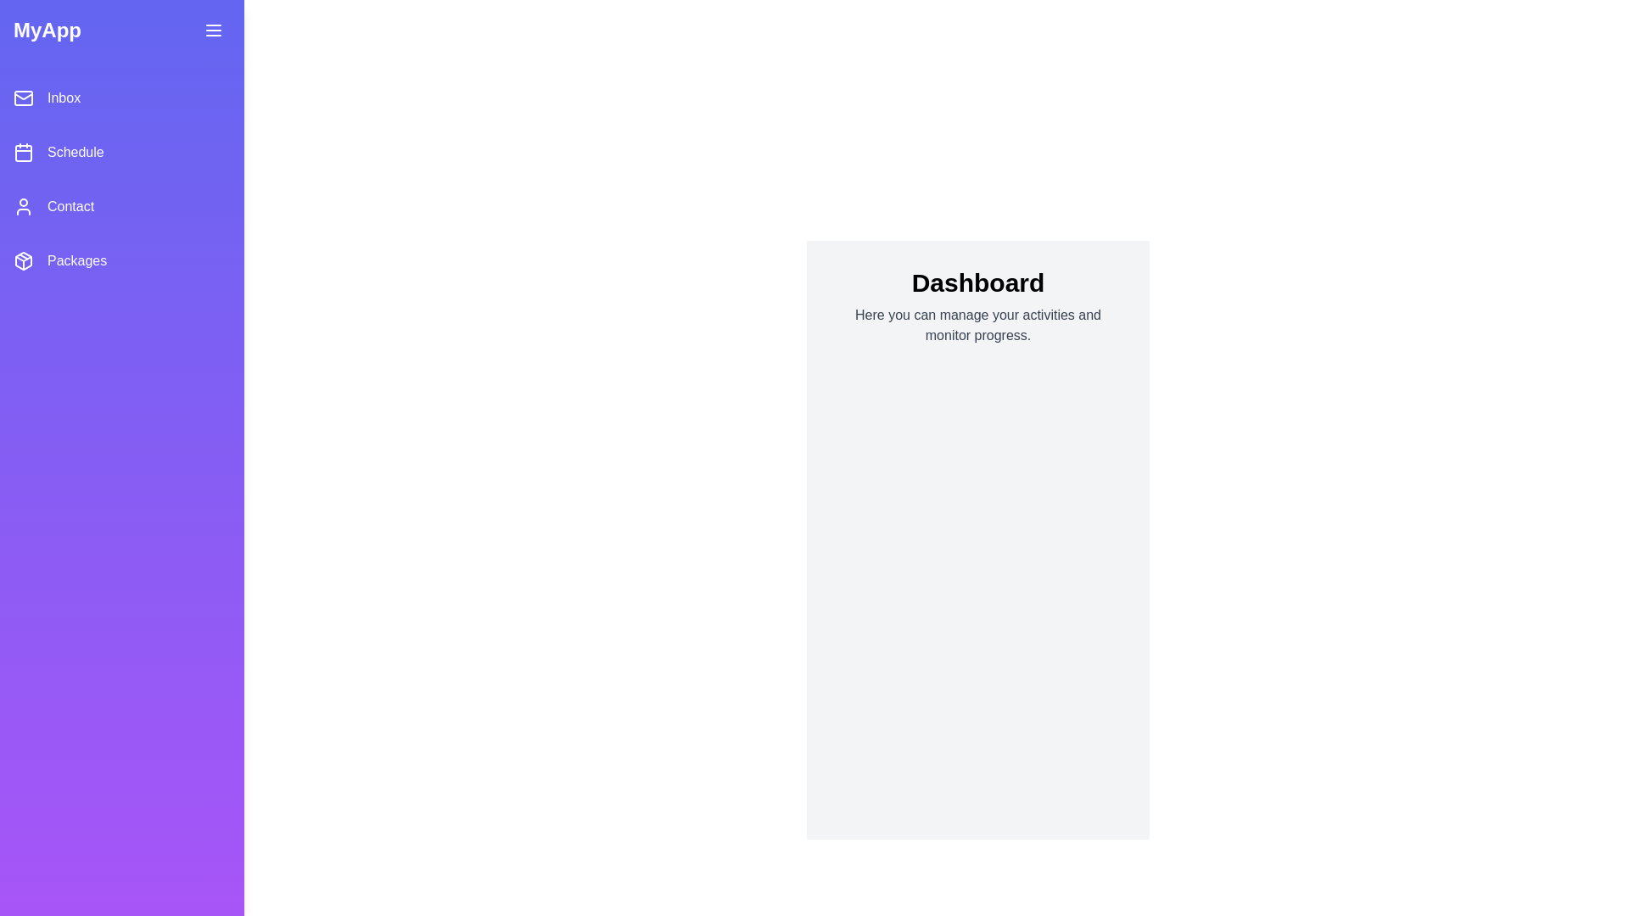 This screenshot has height=916, width=1629. What do you see at coordinates (121, 261) in the screenshot?
I see `the menu item labeled Packages to navigate to the corresponding section` at bounding box center [121, 261].